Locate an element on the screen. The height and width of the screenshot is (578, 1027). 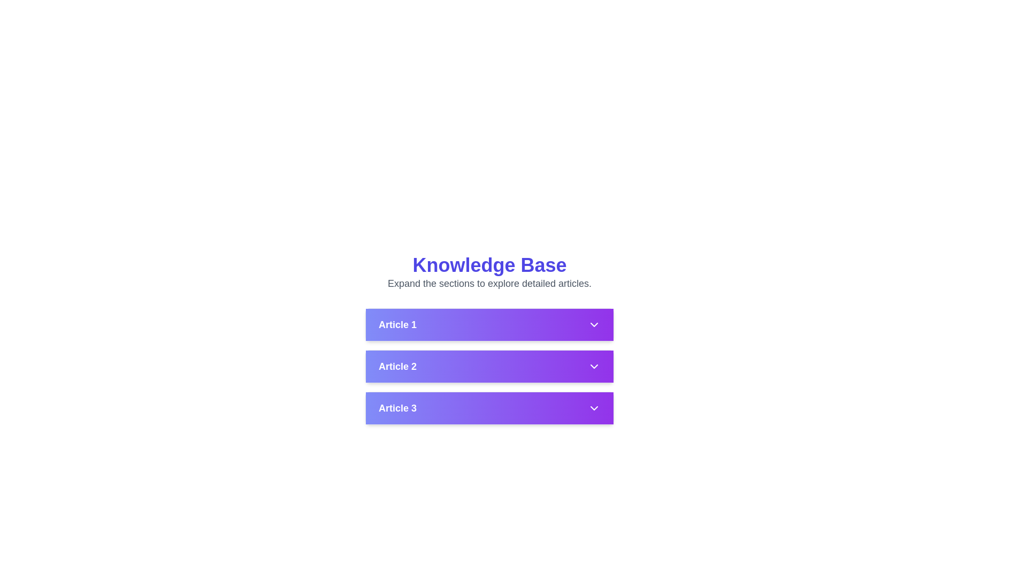
the interactive list item labeled 'Article 1' is located at coordinates (489, 324).